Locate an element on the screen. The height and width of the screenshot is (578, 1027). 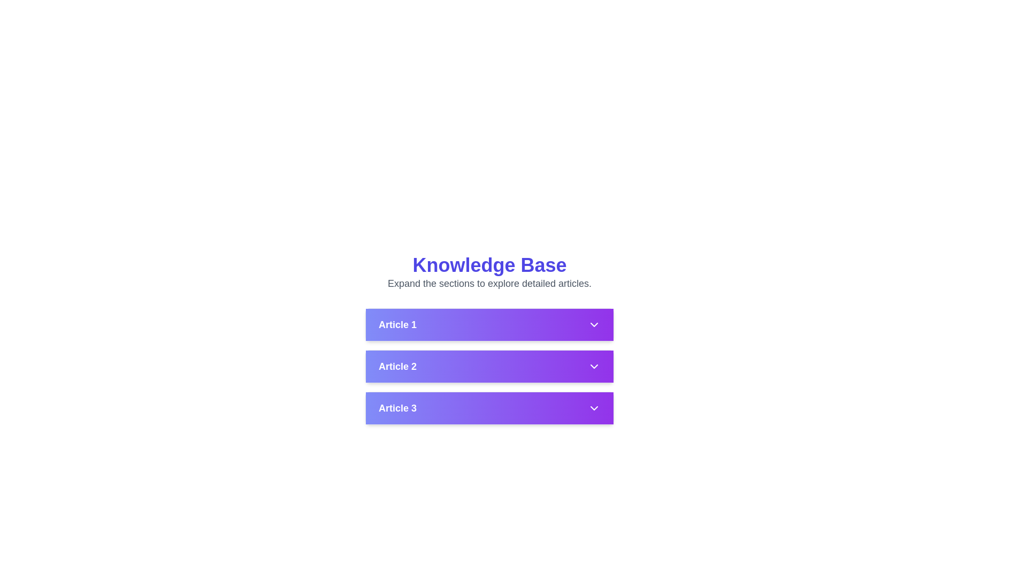
the interactive list item labeled 'Article 1' is located at coordinates (489, 324).